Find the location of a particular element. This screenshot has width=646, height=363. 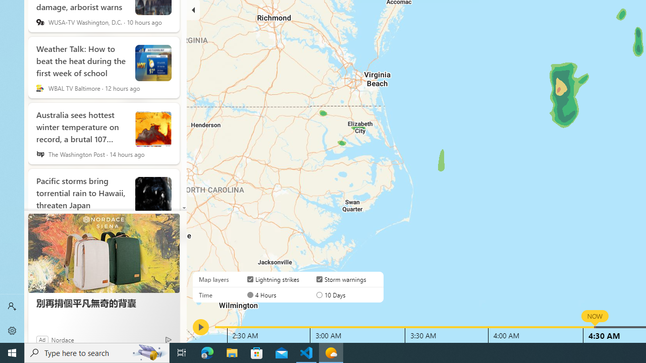

'Settings' is located at coordinates (12, 330).